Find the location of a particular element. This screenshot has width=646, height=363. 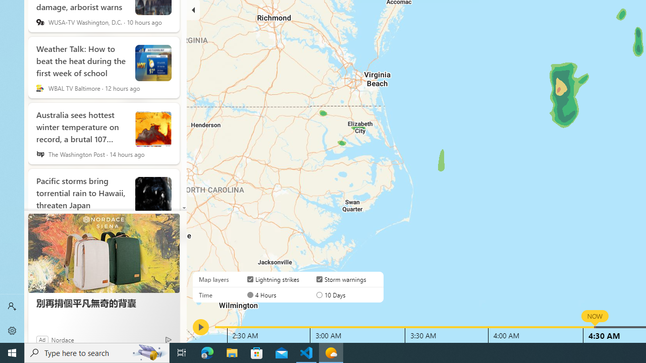

'Settings' is located at coordinates (12, 330).